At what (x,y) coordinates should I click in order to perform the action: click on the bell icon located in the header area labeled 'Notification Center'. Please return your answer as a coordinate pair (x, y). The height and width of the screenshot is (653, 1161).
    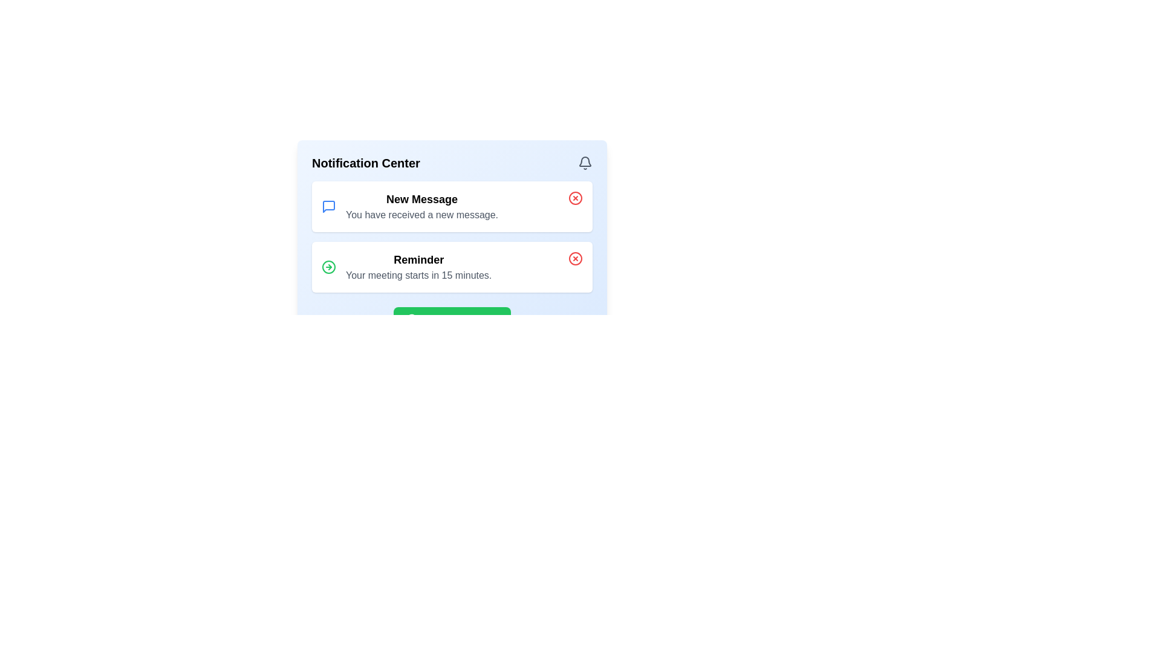
    Looking at the image, I should click on (585, 163).